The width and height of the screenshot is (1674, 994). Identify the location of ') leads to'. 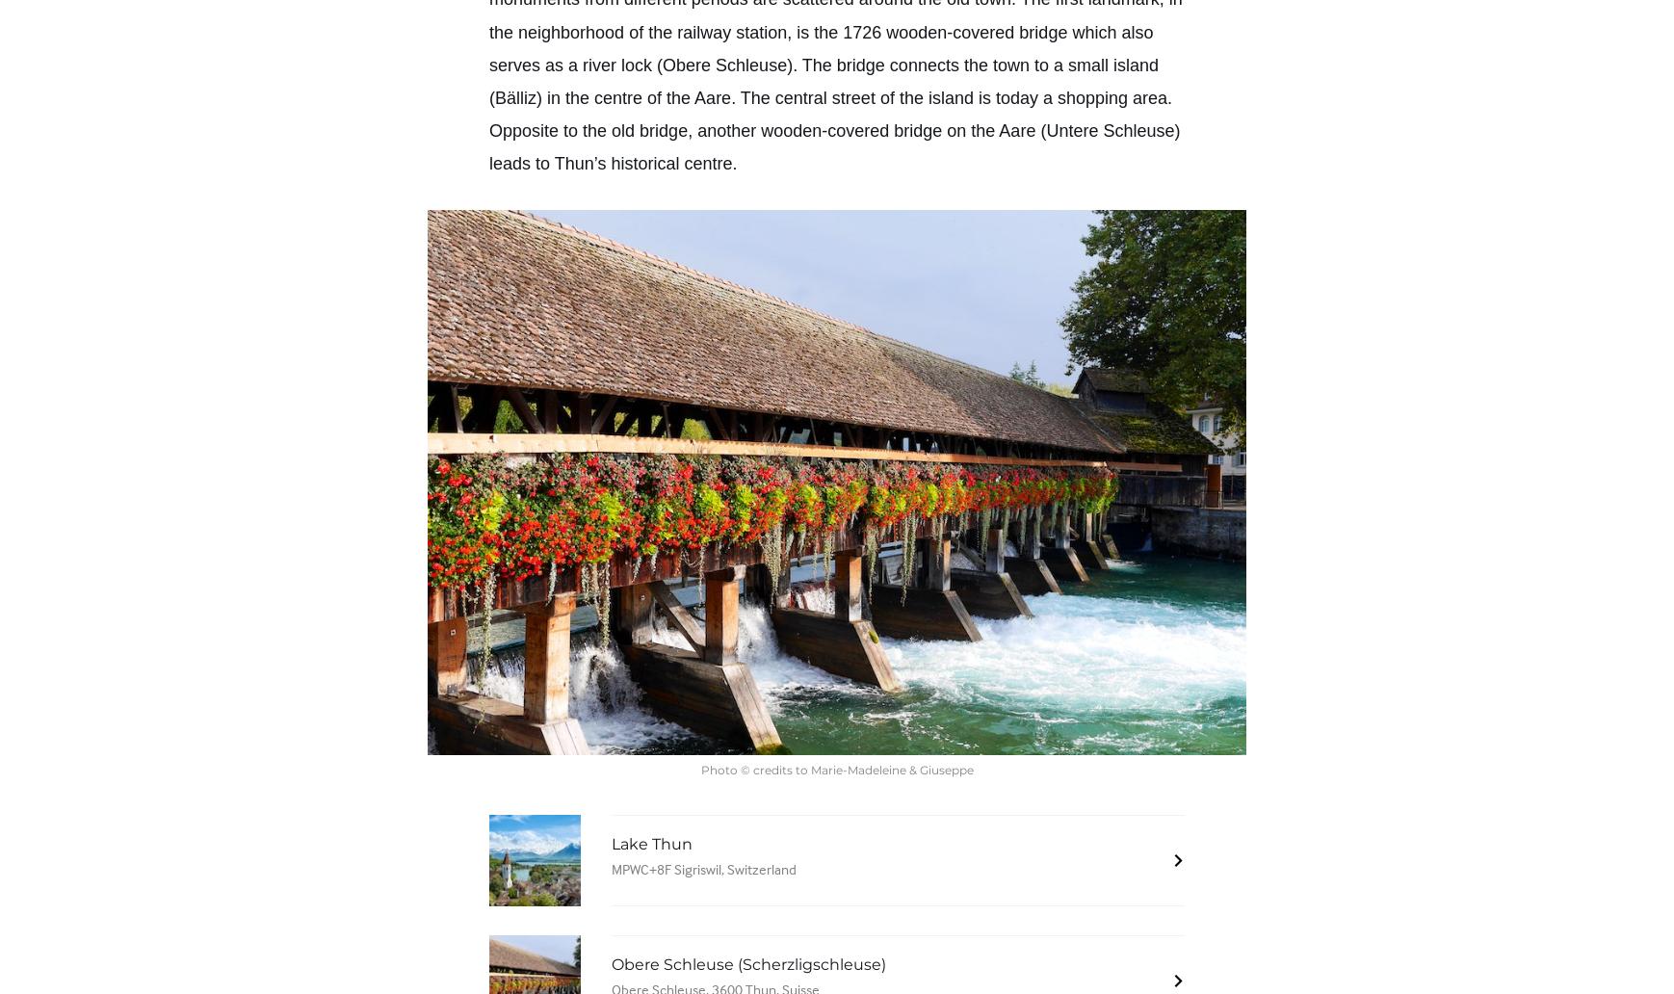
(489, 146).